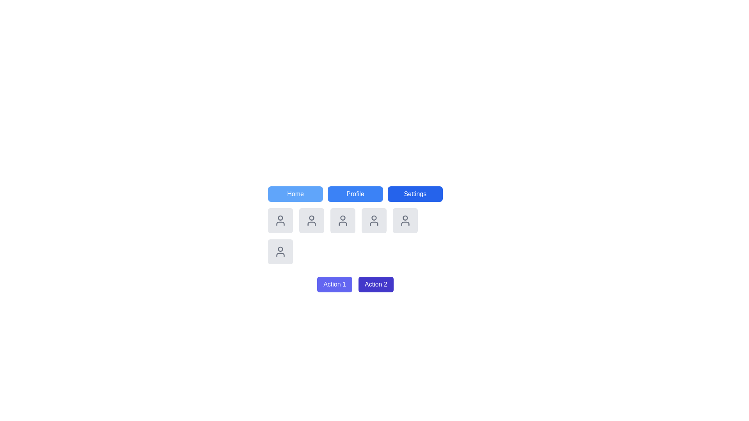  I want to click on the decorative vector graphics element representing a detail within the user icon located in the second row and second column of the grid layout, so click(311, 224).